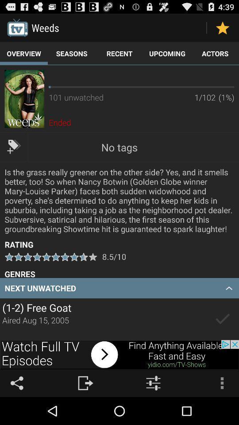 The height and width of the screenshot is (425, 239). What do you see at coordinates (24, 99) in the screenshot?
I see `more information on the movie` at bounding box center [24, 99].